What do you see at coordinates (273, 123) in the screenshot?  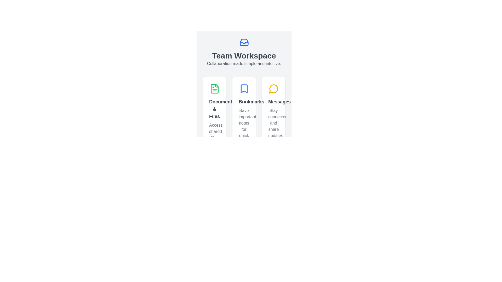 I see `the text label providing descriptive information in the 'Messages' section, located below the 'Messages' title and above the 'Dismiss Messages' button` at bounding box center [273, 123].